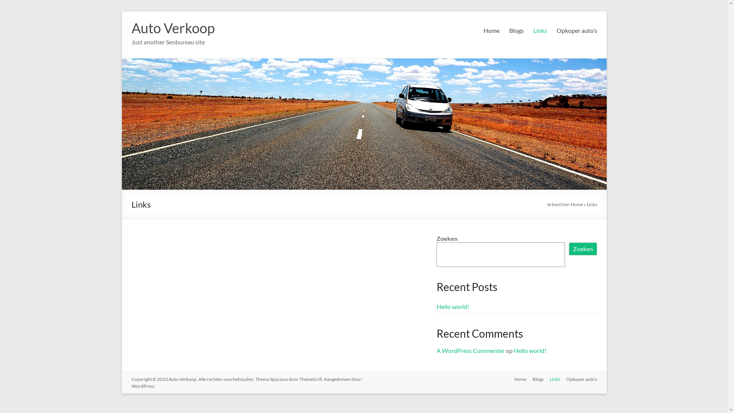  Describe the element at coordinates (143, 386) in the screenshot. I see `'WordPress'` at that location.